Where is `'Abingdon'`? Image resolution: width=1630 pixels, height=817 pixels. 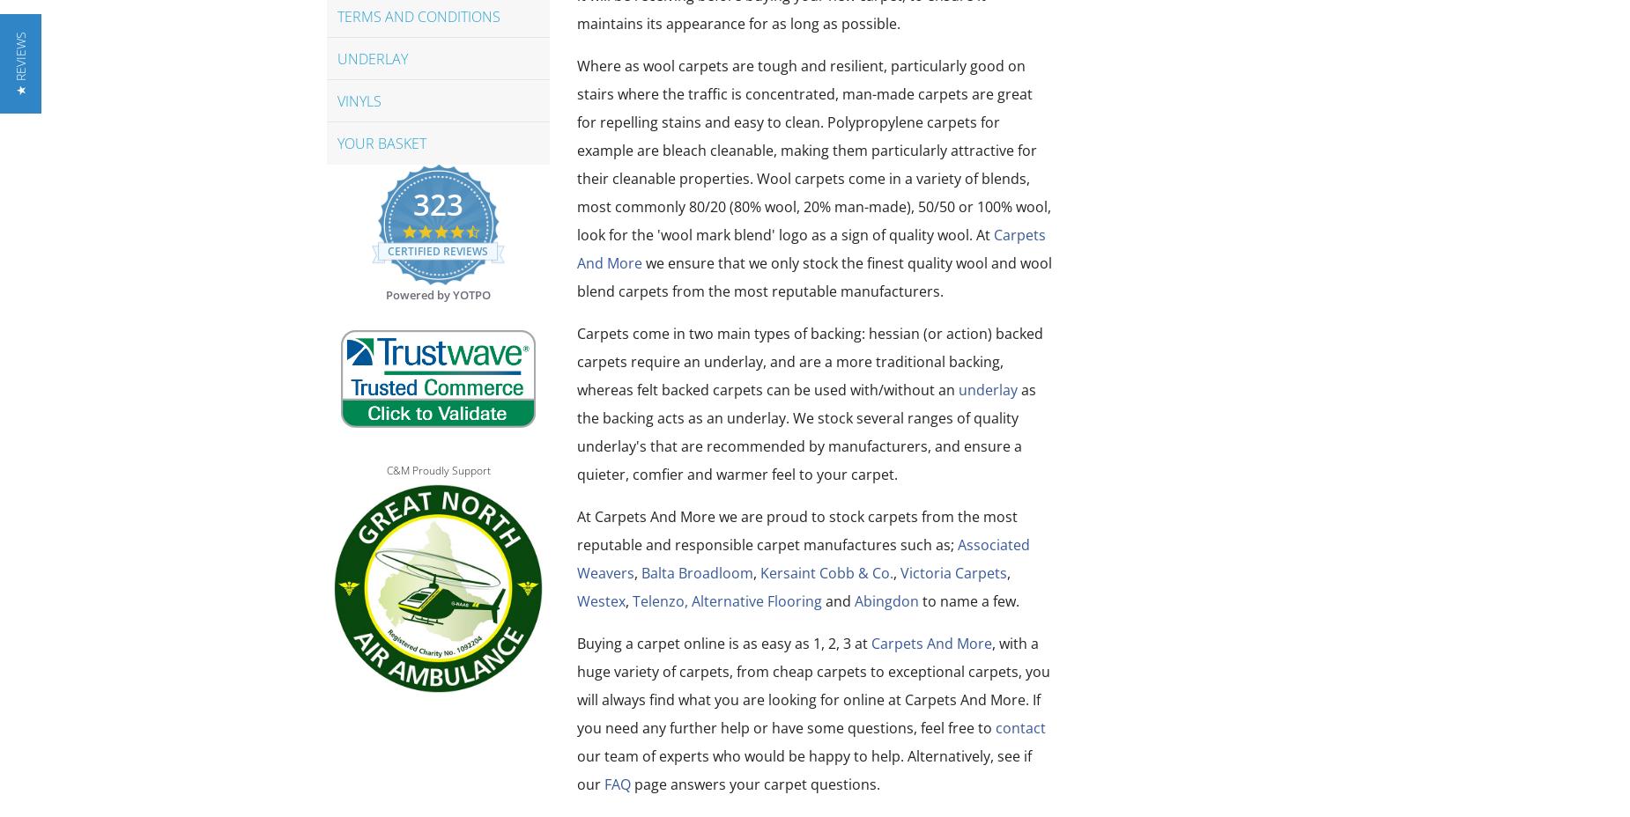
'Abingdon' is located at coordinates (853, 601).